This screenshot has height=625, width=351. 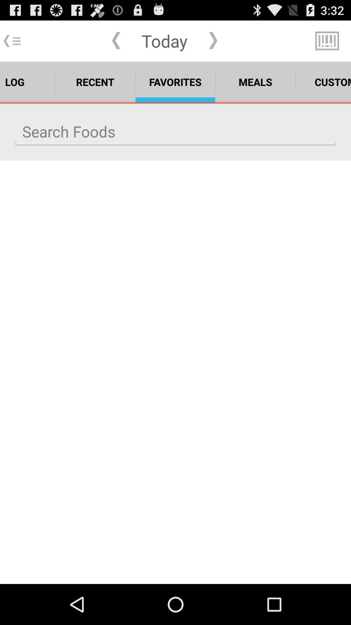 I want to click on the app above the favorites icon, so click(x=164, y=40).